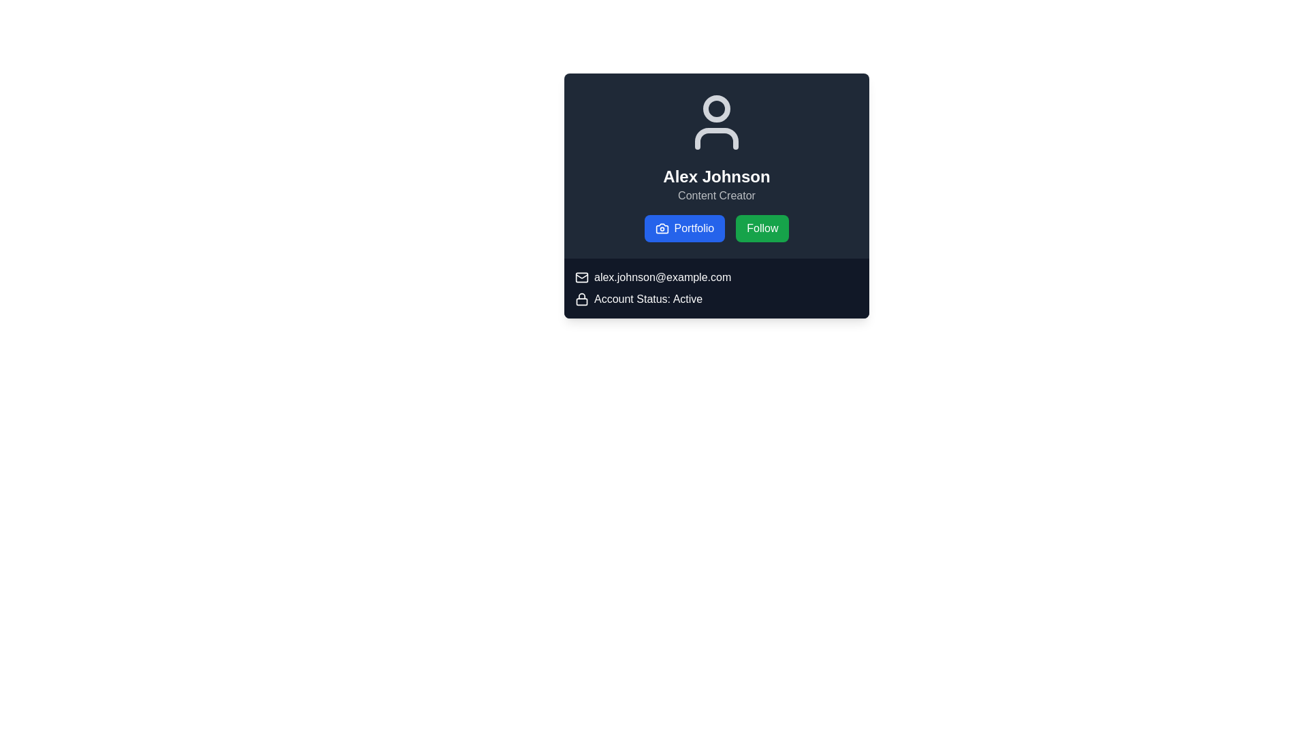  What do you see at coordinates (662, 227) in the screenshot?
I see `the camera icon located within the 'Portfolio' button, which is styled with a white stroke on a blue background and is positioned in the center region of the user interface` at bounding box center [662, 227].